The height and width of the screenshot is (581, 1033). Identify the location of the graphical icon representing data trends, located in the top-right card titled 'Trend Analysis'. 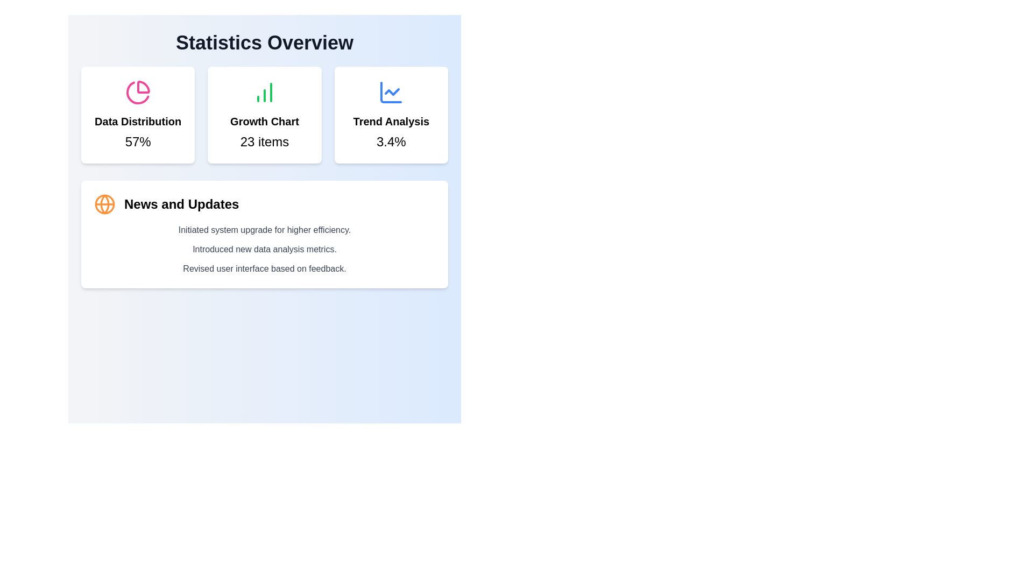
(391, 92).